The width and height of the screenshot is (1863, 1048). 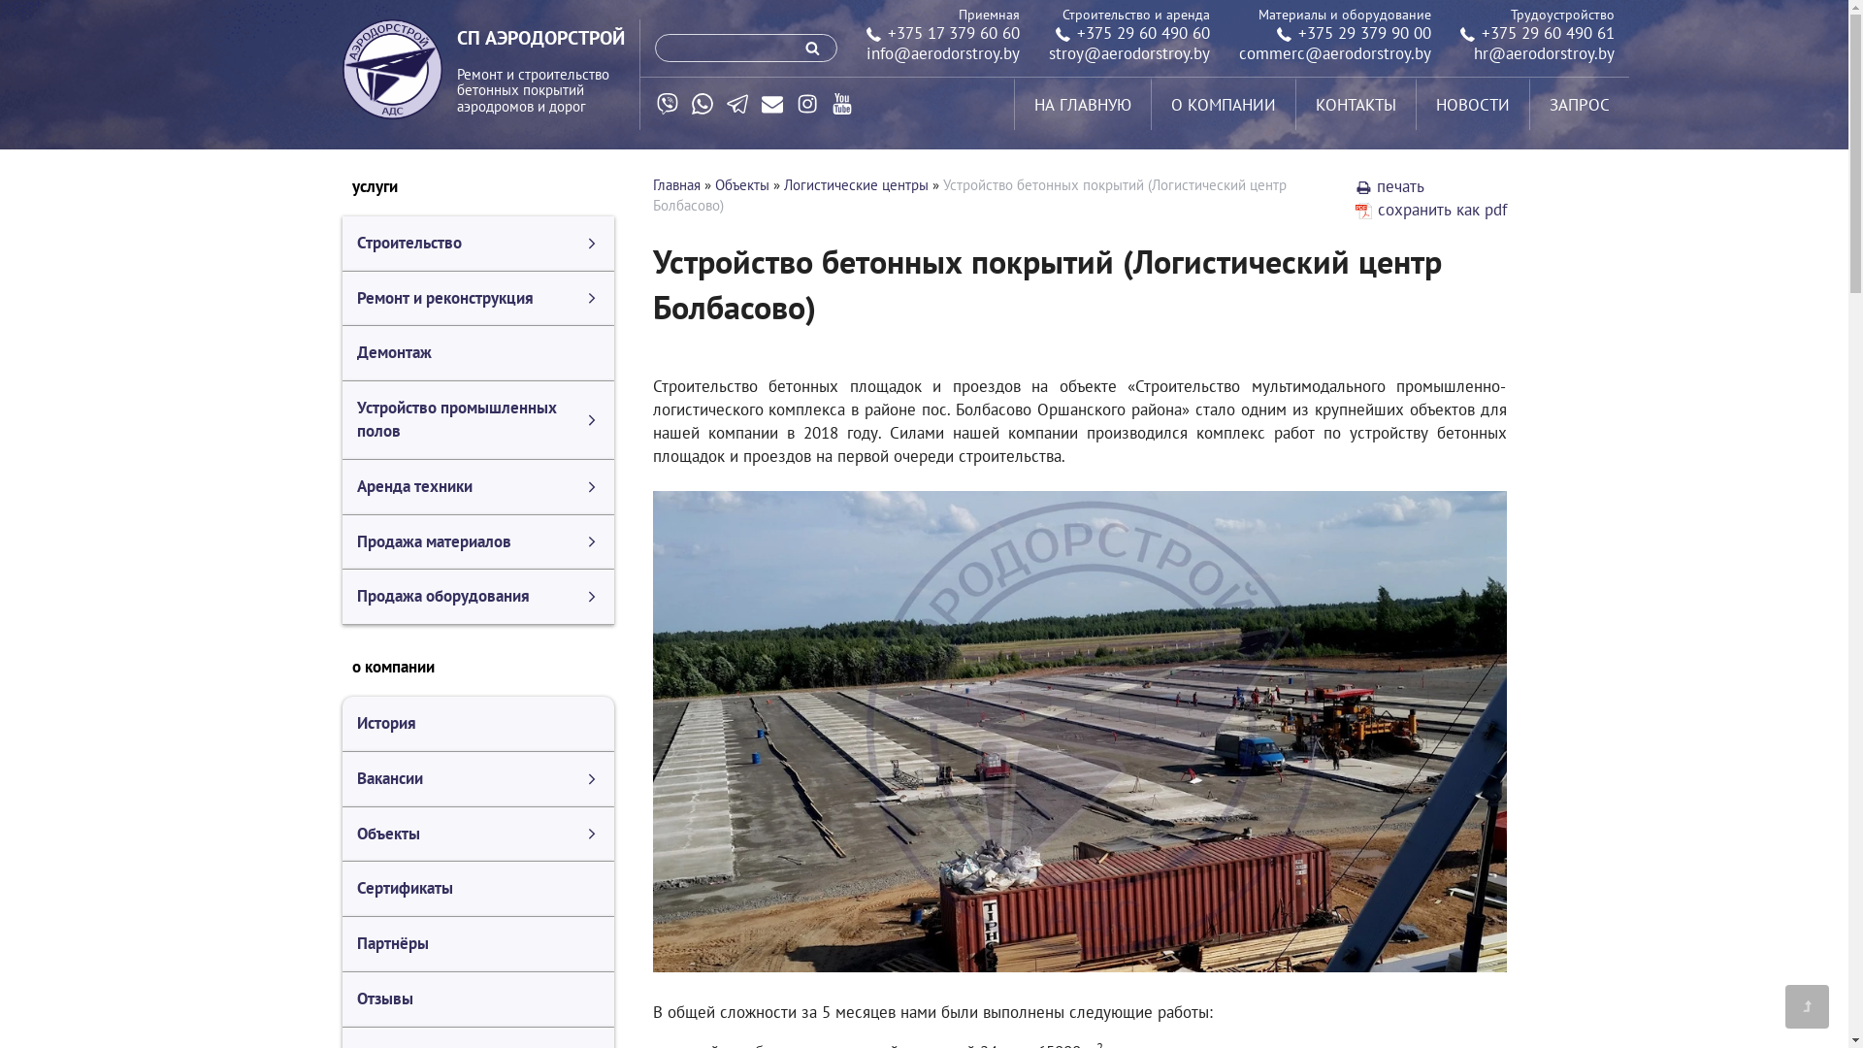 I want to click on 'stroy@aerodorstroy.by', so click(x=1128, y=51).